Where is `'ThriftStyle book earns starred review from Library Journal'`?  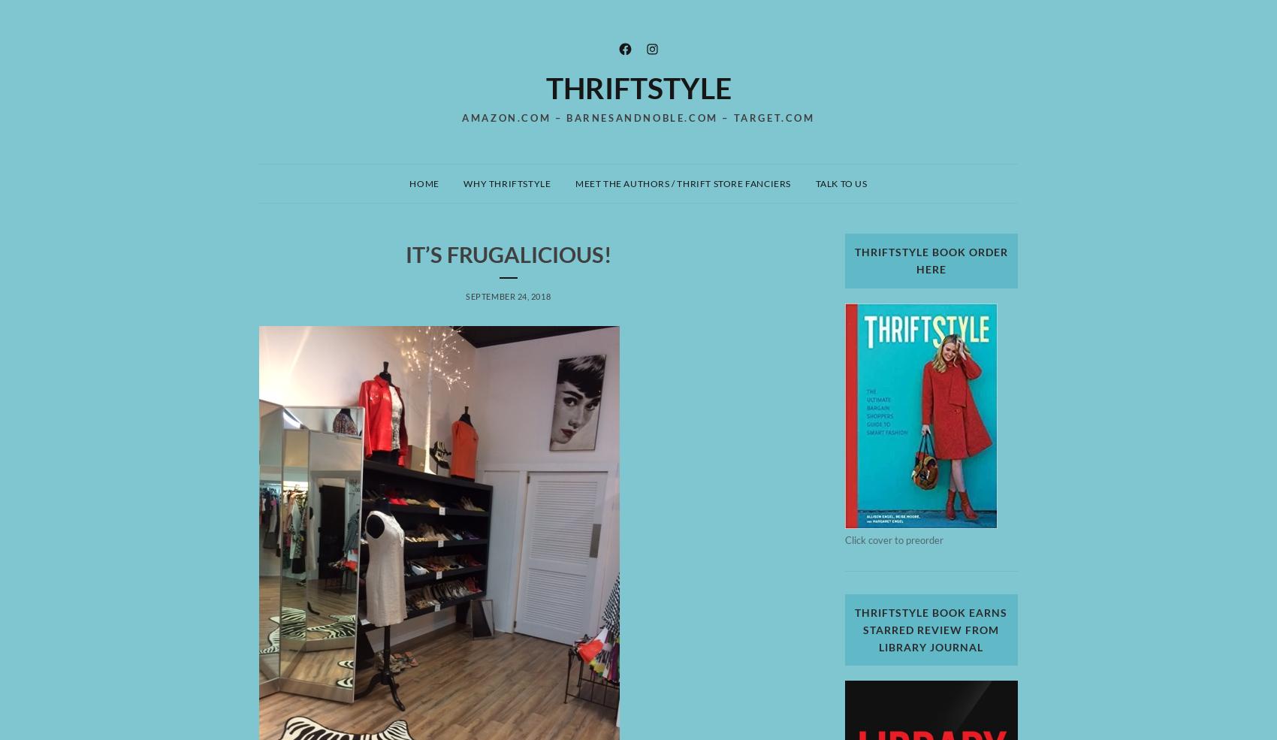
'ThriftStyle book earns starred review from Library Journal' is located at coordinates (930, 629).